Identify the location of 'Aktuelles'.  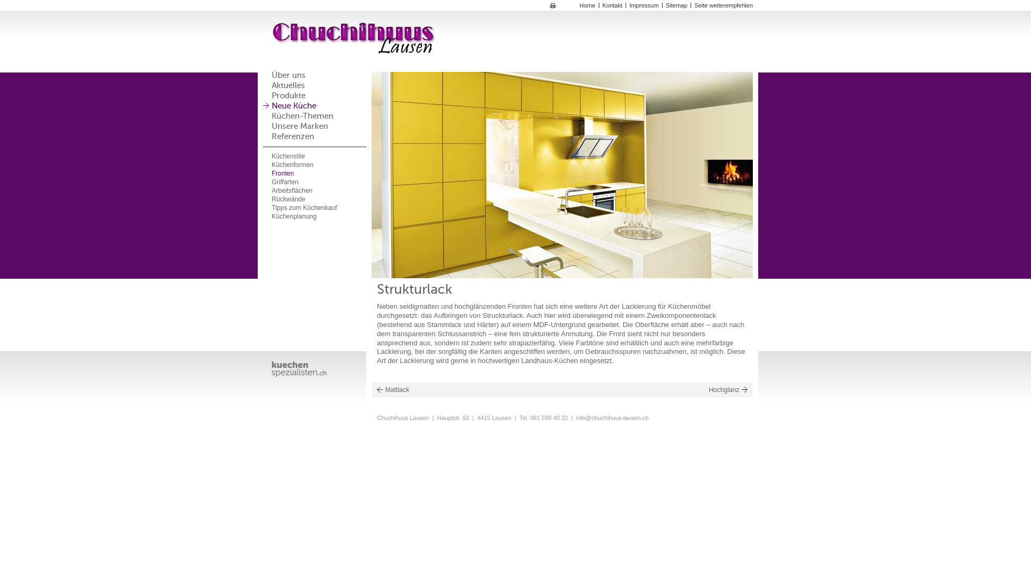
(271, 85).